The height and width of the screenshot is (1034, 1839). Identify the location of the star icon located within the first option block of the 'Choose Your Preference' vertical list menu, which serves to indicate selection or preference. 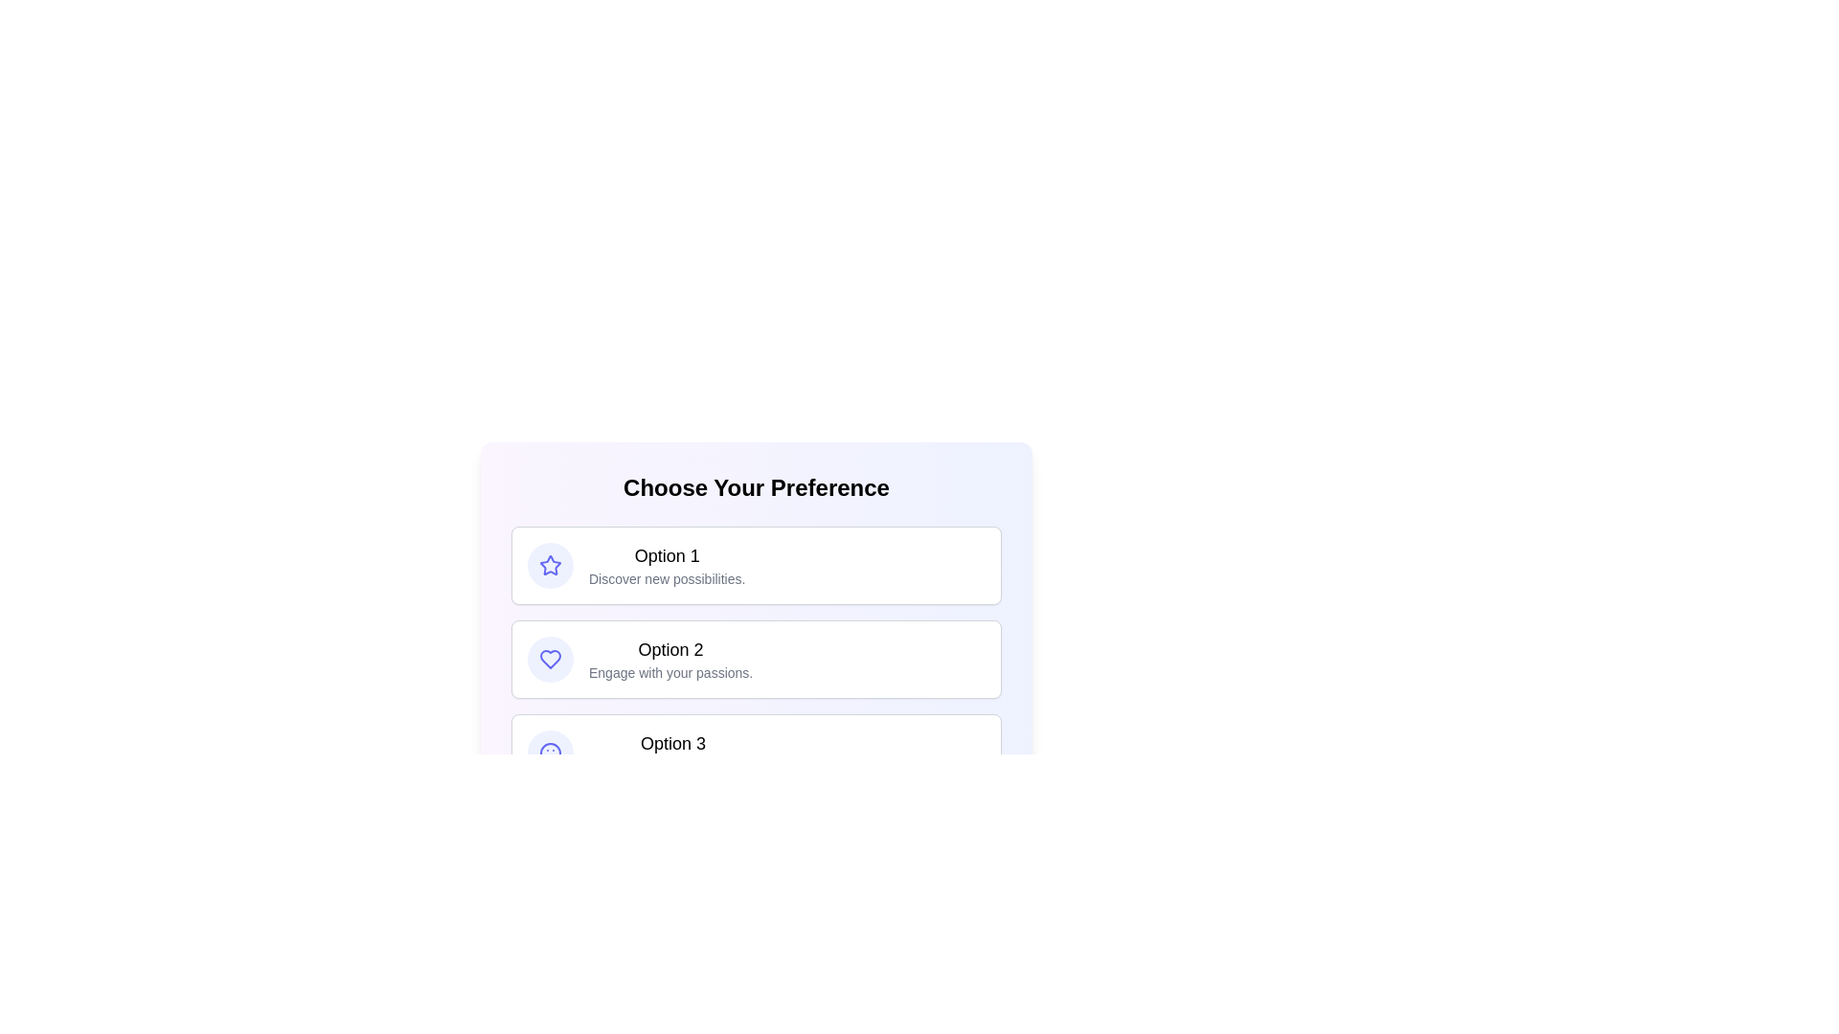
(550, 564).